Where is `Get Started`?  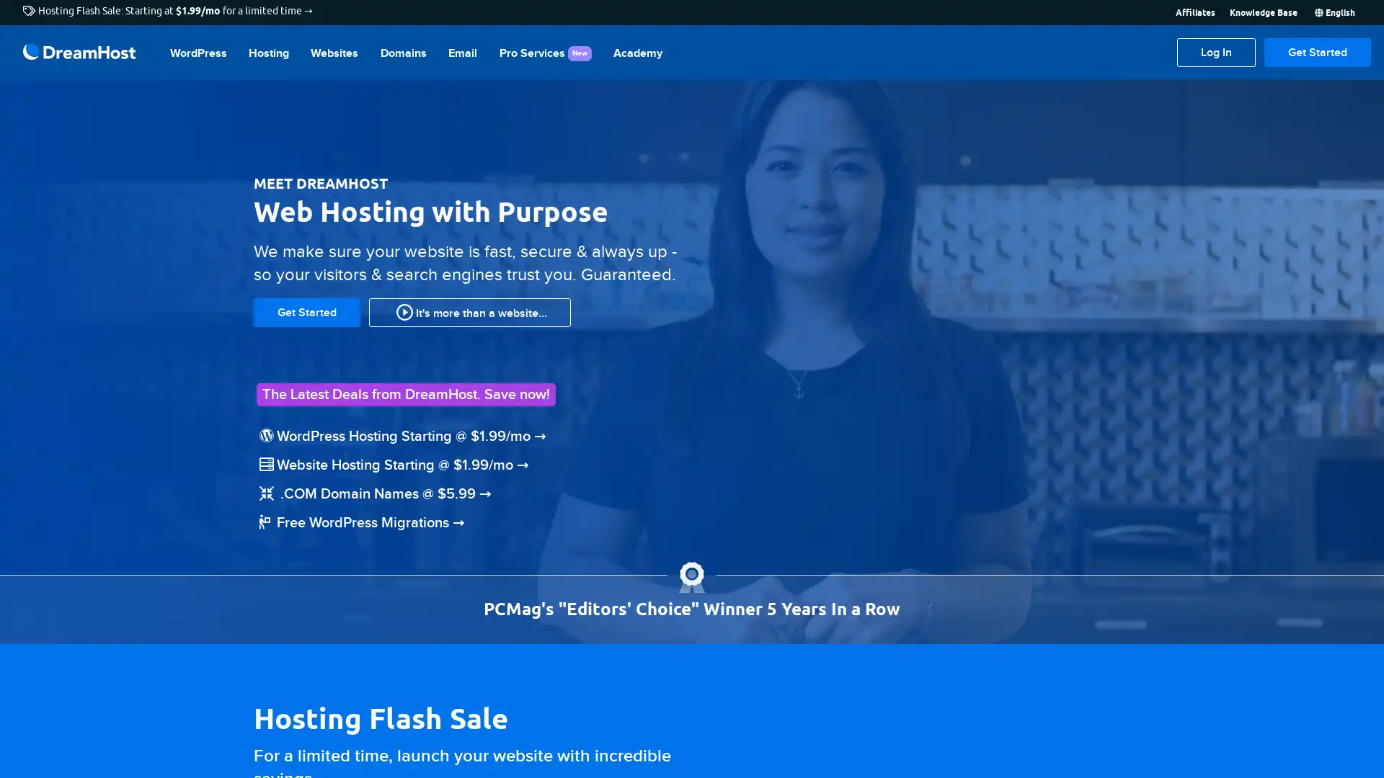
Get Started is located at coordinates (306, 310).